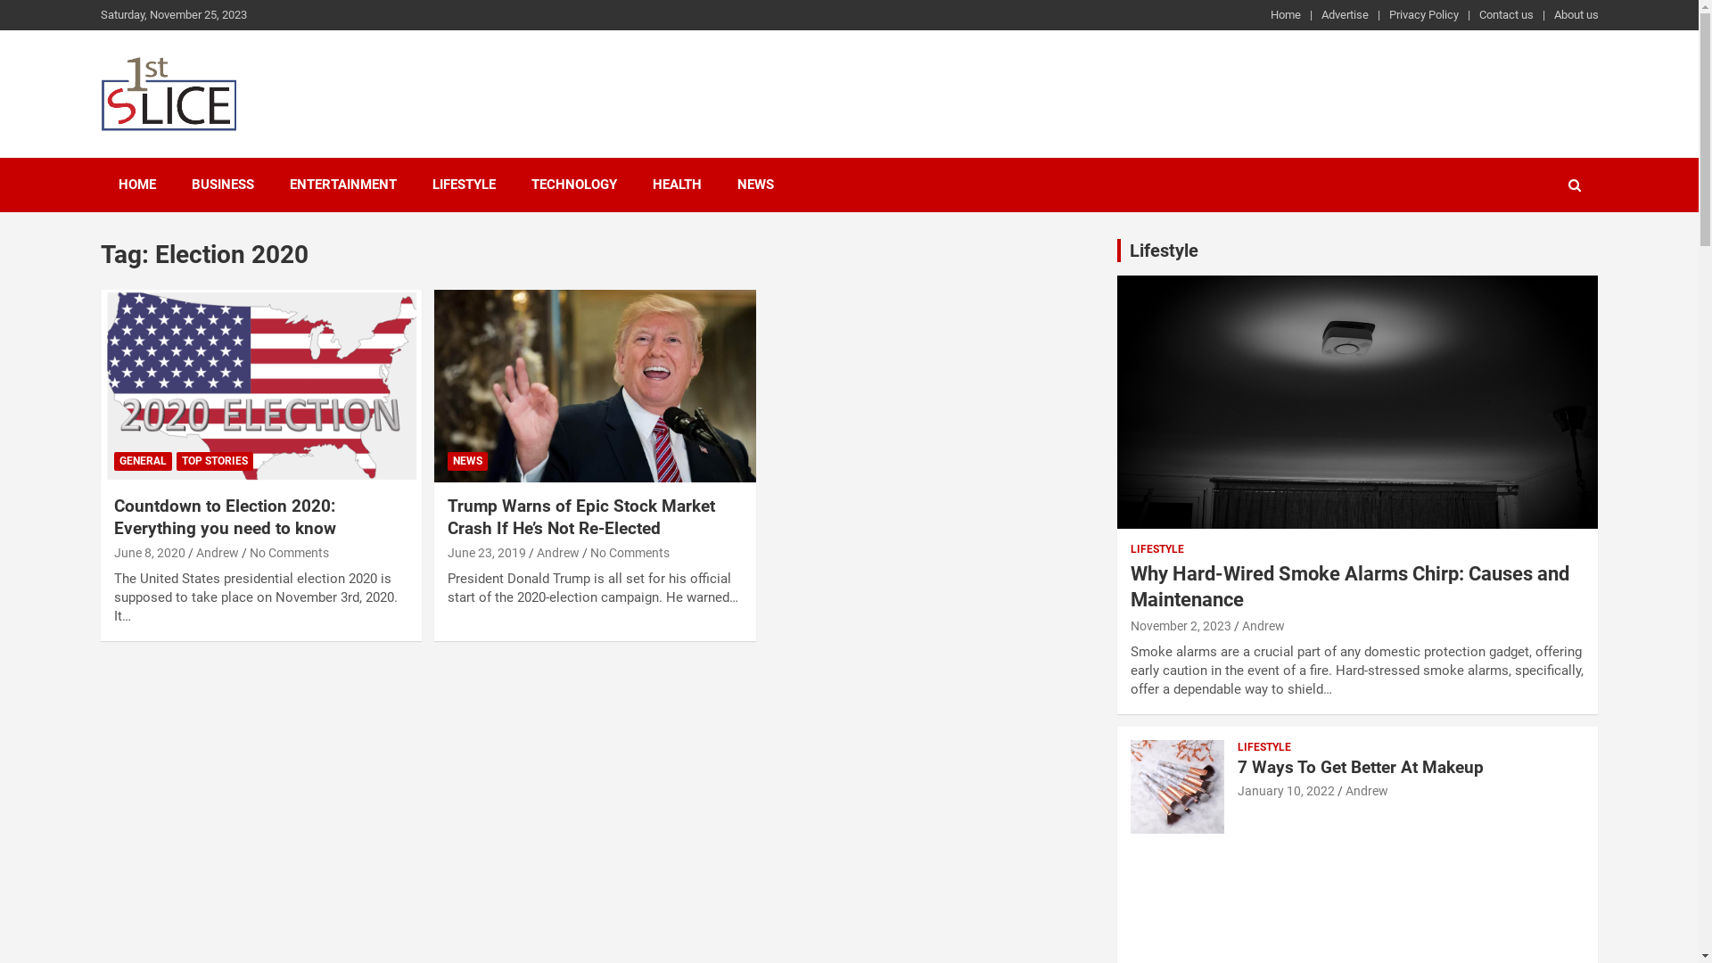 The image size is (1712, 963). Describe the element at coordinates (113, 552) in the screenshot. I see `'June 8, 2020'` at that location.